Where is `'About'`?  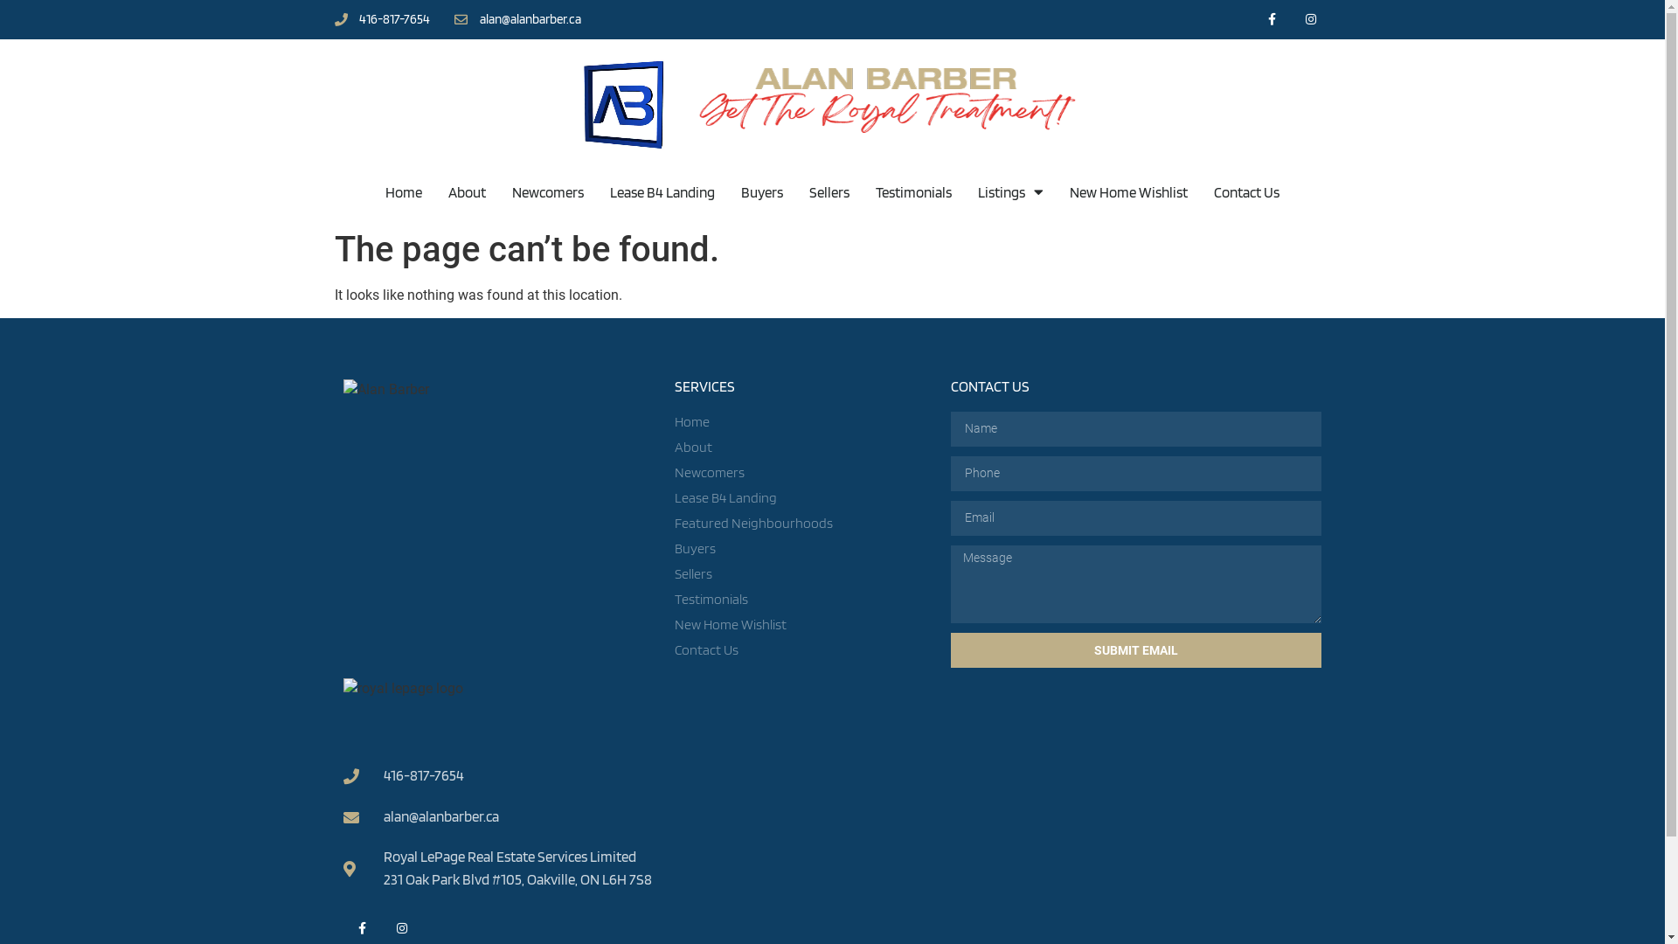
'About' is located at coordinates (803, 447).